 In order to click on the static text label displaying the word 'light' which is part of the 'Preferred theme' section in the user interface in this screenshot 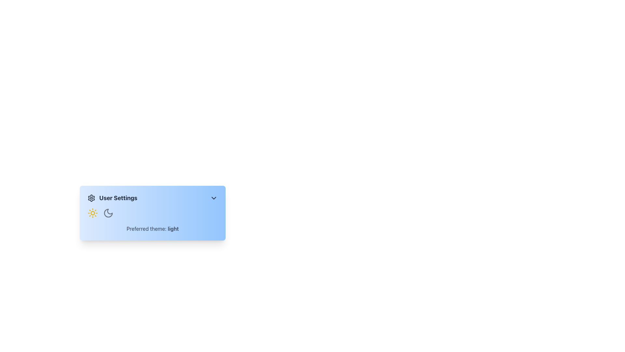, I will do `click(173, 228)`.